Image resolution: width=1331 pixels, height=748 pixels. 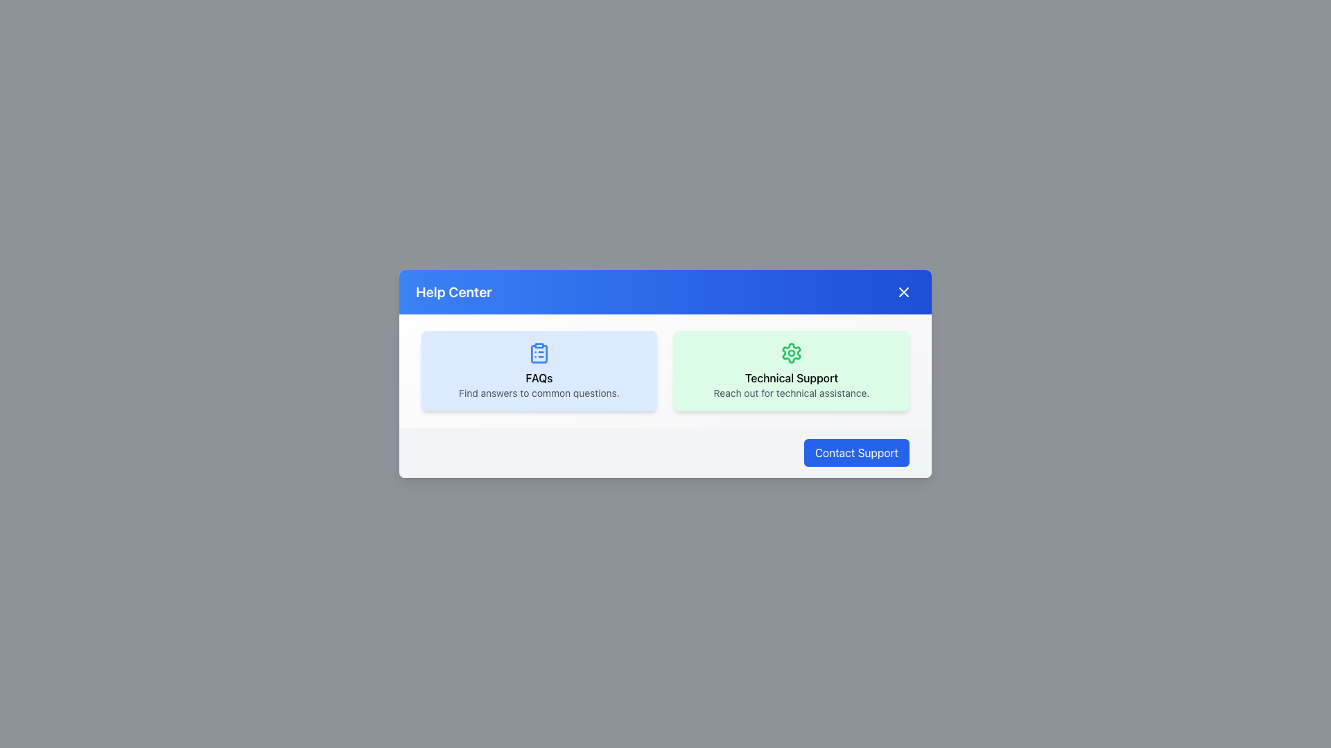 What do you see at coordinates (792, 352) in the screenshot?
I see `the green gear icon located at the center of the 'Technical Support' panel on the right side of the interface` at bounding box center [792, 352].